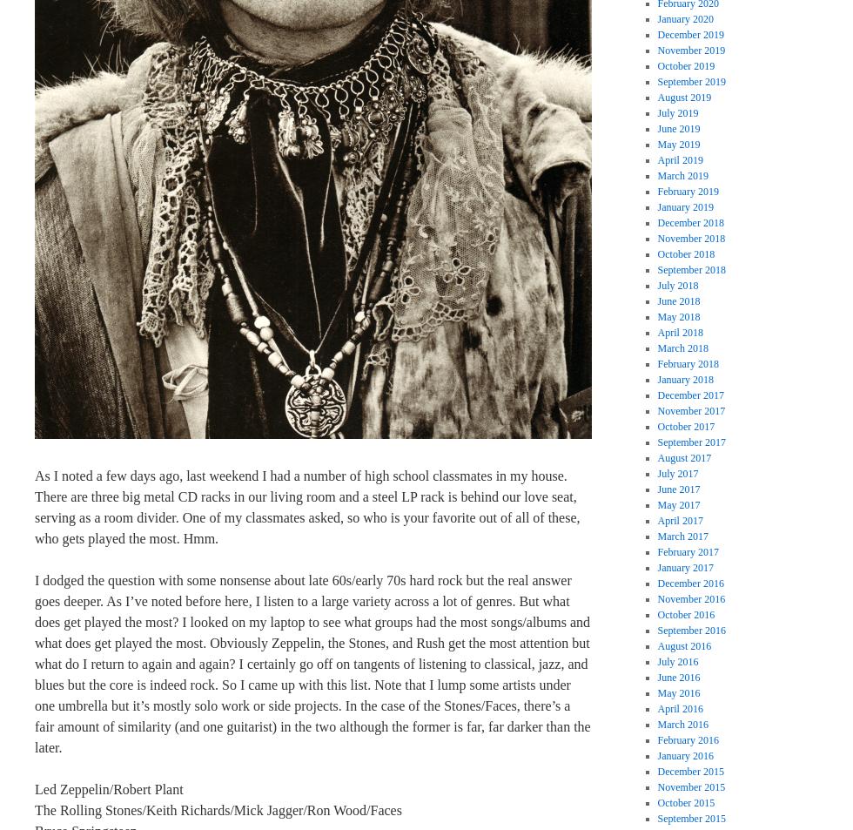  I want to click on 'May 2018', so click(678, 316).